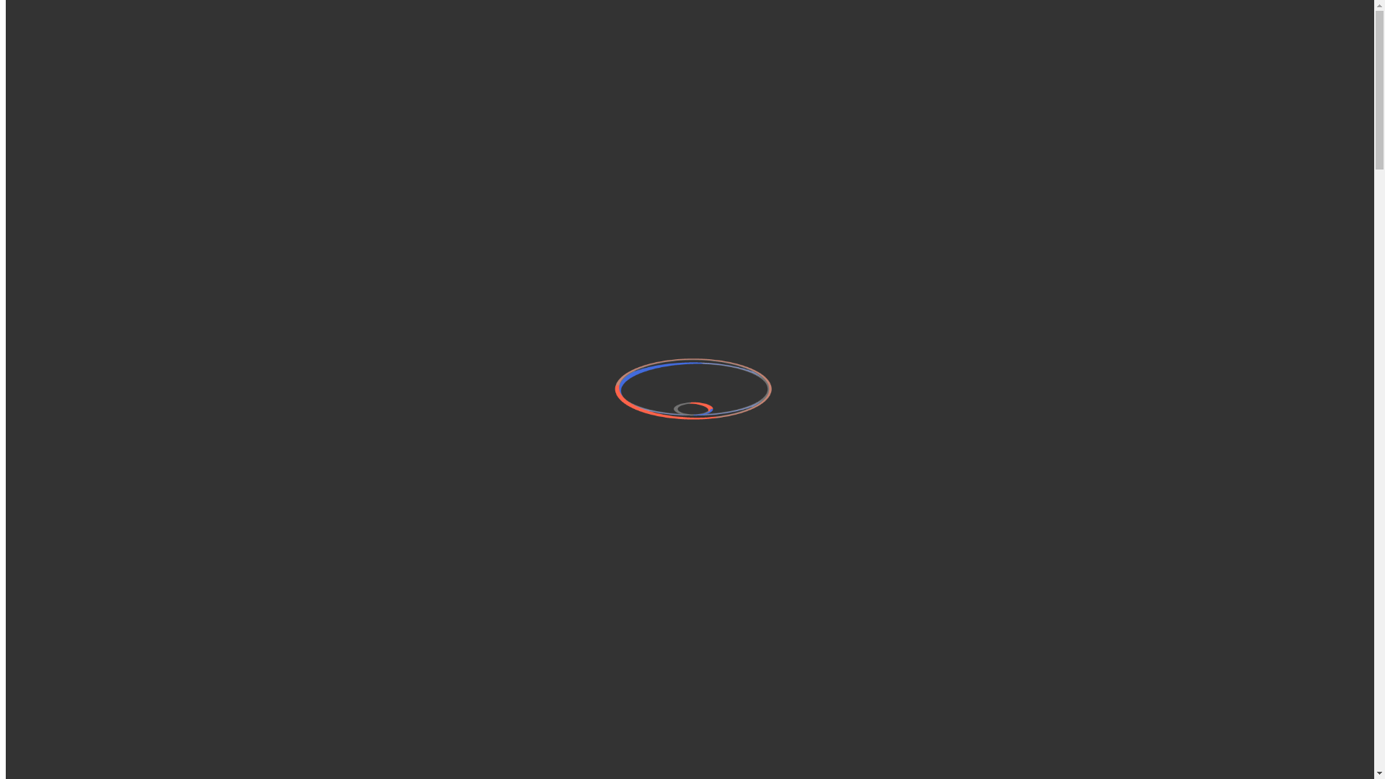  What do you see at coordinates (140, 27) in the screenshot?
I see `'CERN Accelerating science'` at bounding box center [140, 27].